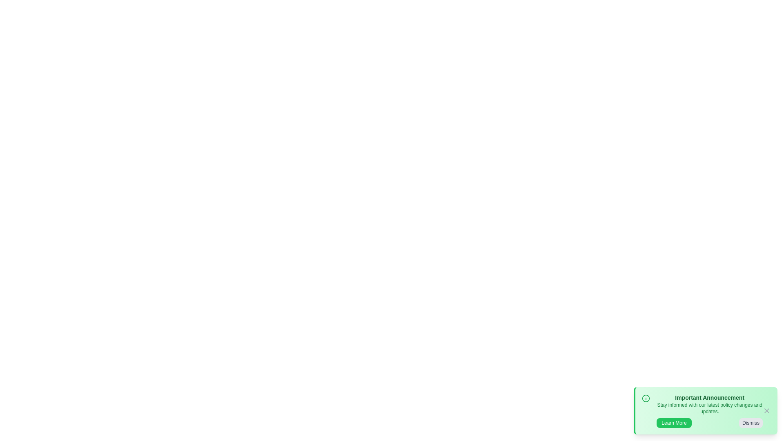  What do you see at coordinates (674, 423) in the screenshot?
I see `the 'Learn More' button to observe its hover effects` at bounding box center [674, 423].